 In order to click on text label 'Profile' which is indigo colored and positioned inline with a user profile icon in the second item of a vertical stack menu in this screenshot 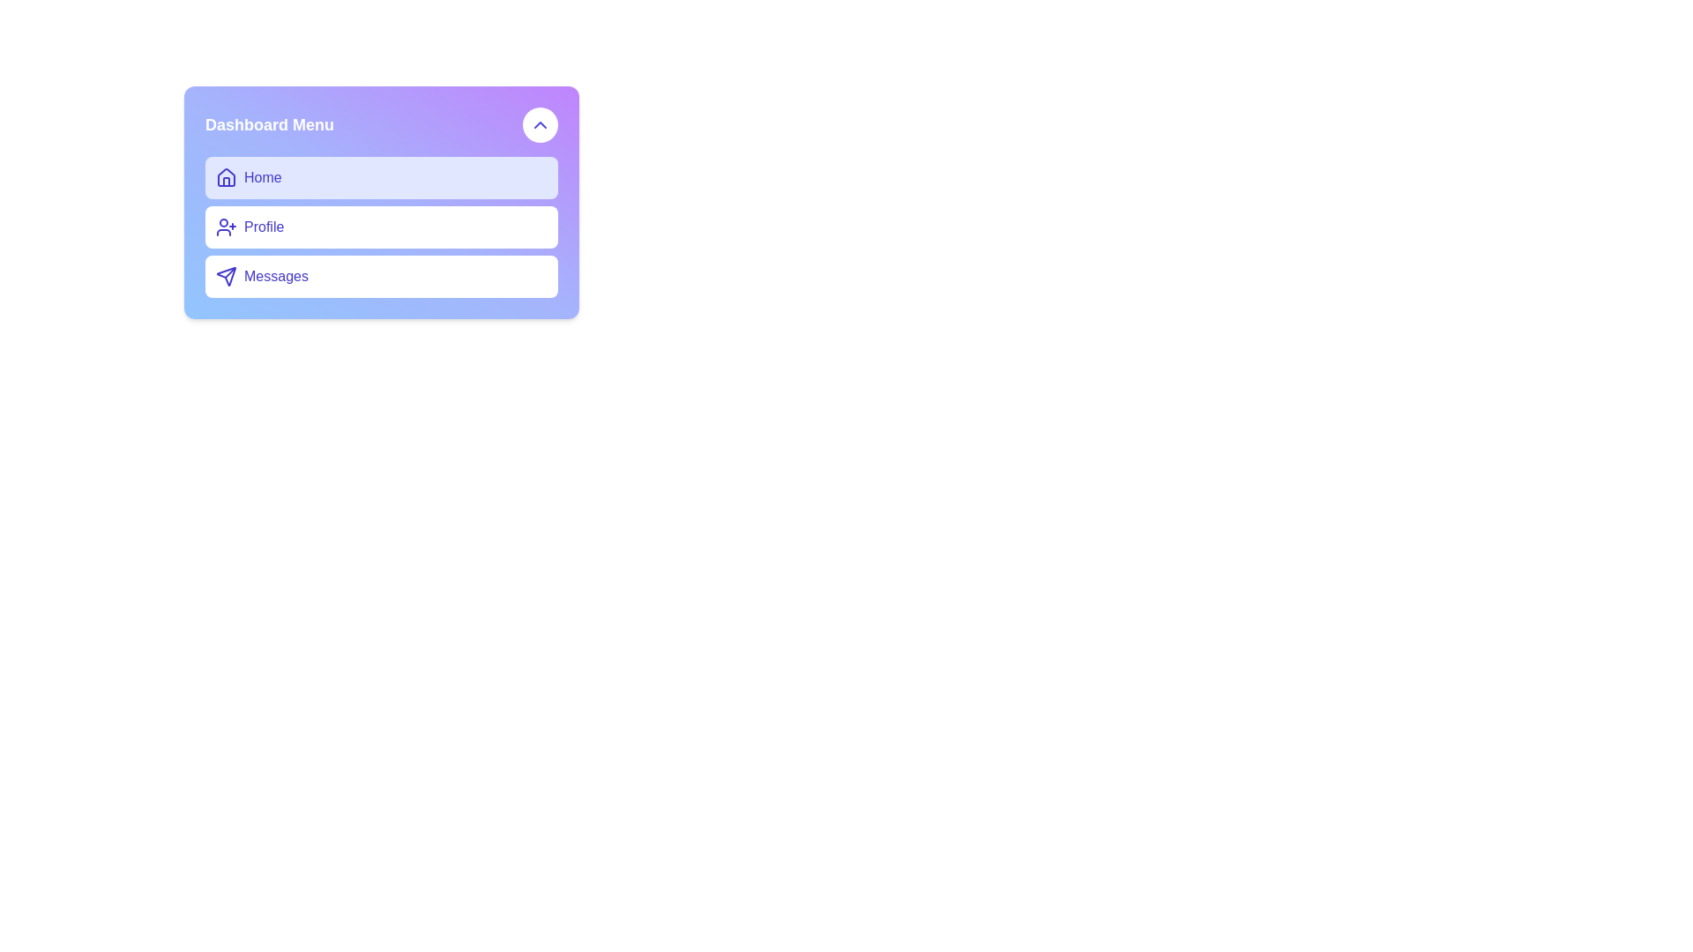, I will do `click(263, 227)`.